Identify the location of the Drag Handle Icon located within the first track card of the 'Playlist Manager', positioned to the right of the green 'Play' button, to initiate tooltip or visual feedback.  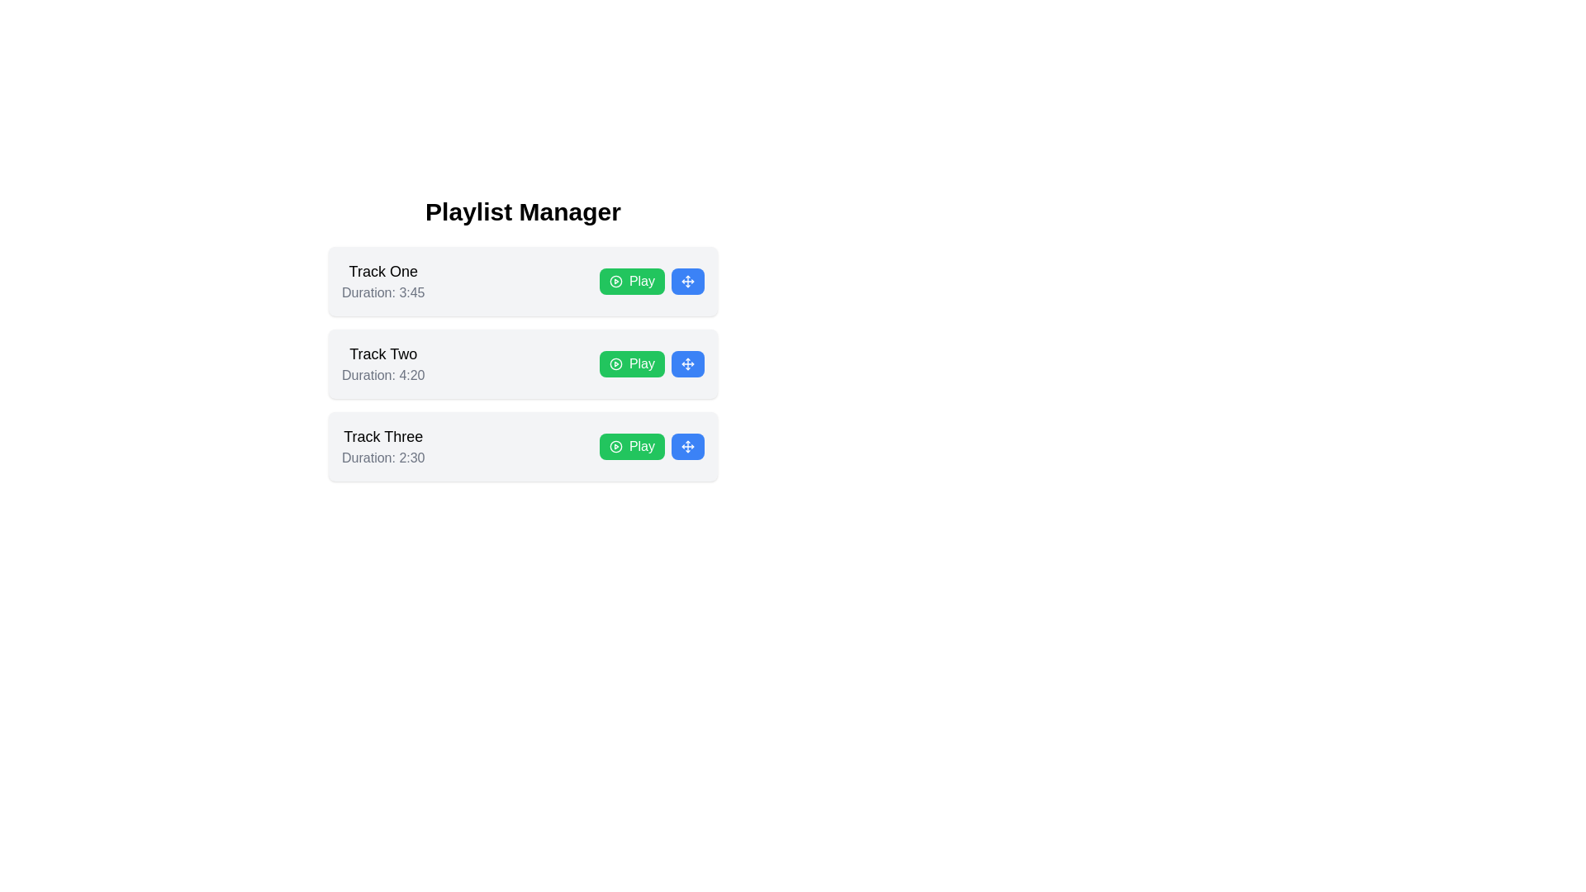
(688, 280).